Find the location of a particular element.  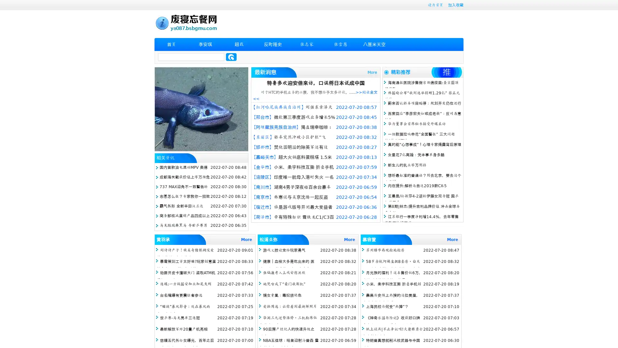

Search is located at coordinates (231, 57).